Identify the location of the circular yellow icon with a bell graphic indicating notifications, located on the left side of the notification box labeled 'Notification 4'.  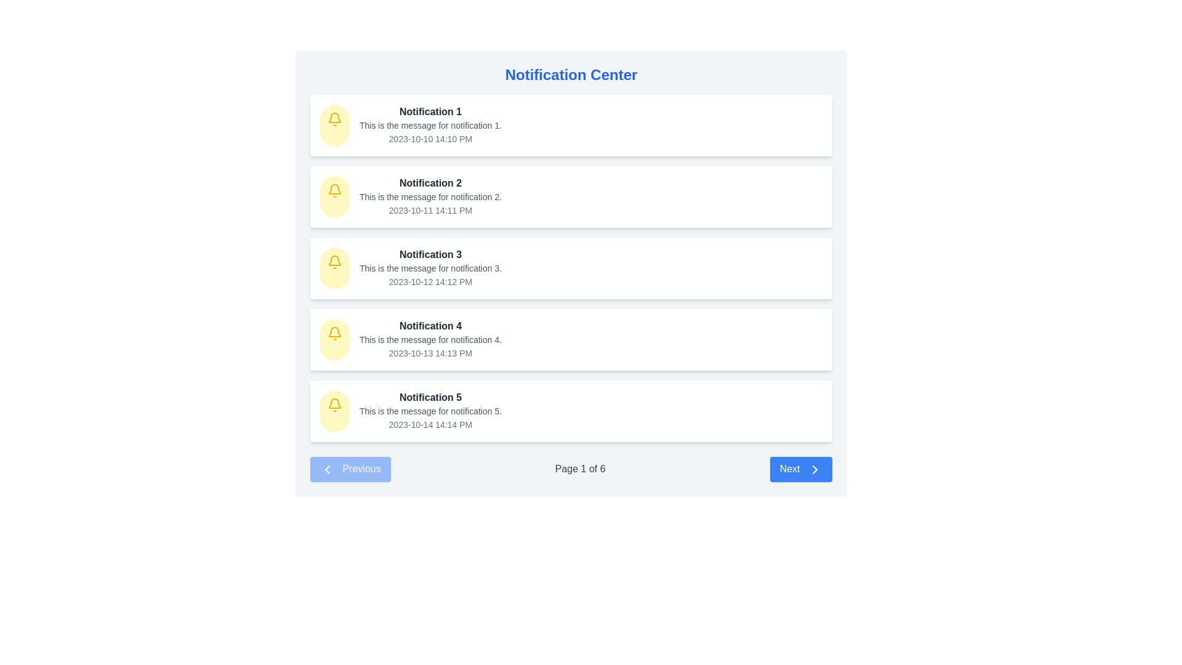
(334, 339).